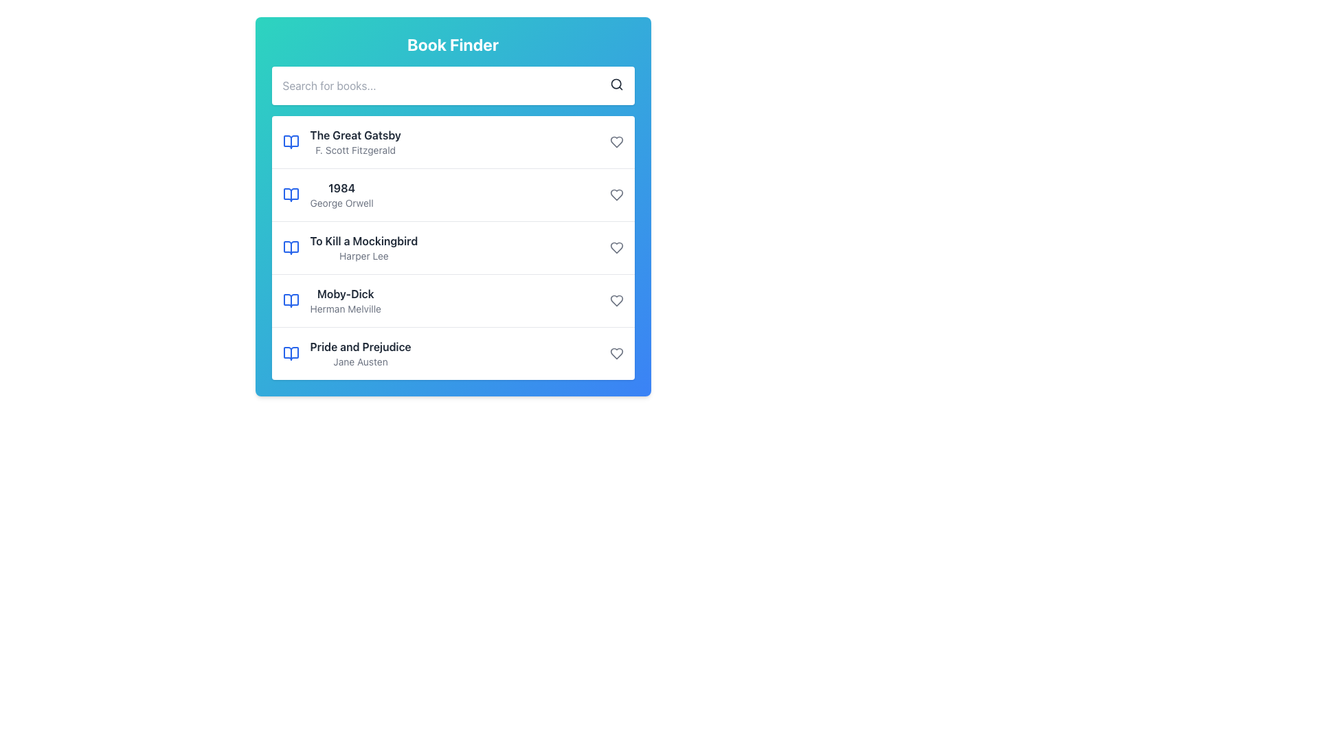  Describe the element at coordinates (616, 300) in the screenshot. I see `the heart-shaped button icon associated with 'Moby-Dick' by 'Herman Melville'` at that location.